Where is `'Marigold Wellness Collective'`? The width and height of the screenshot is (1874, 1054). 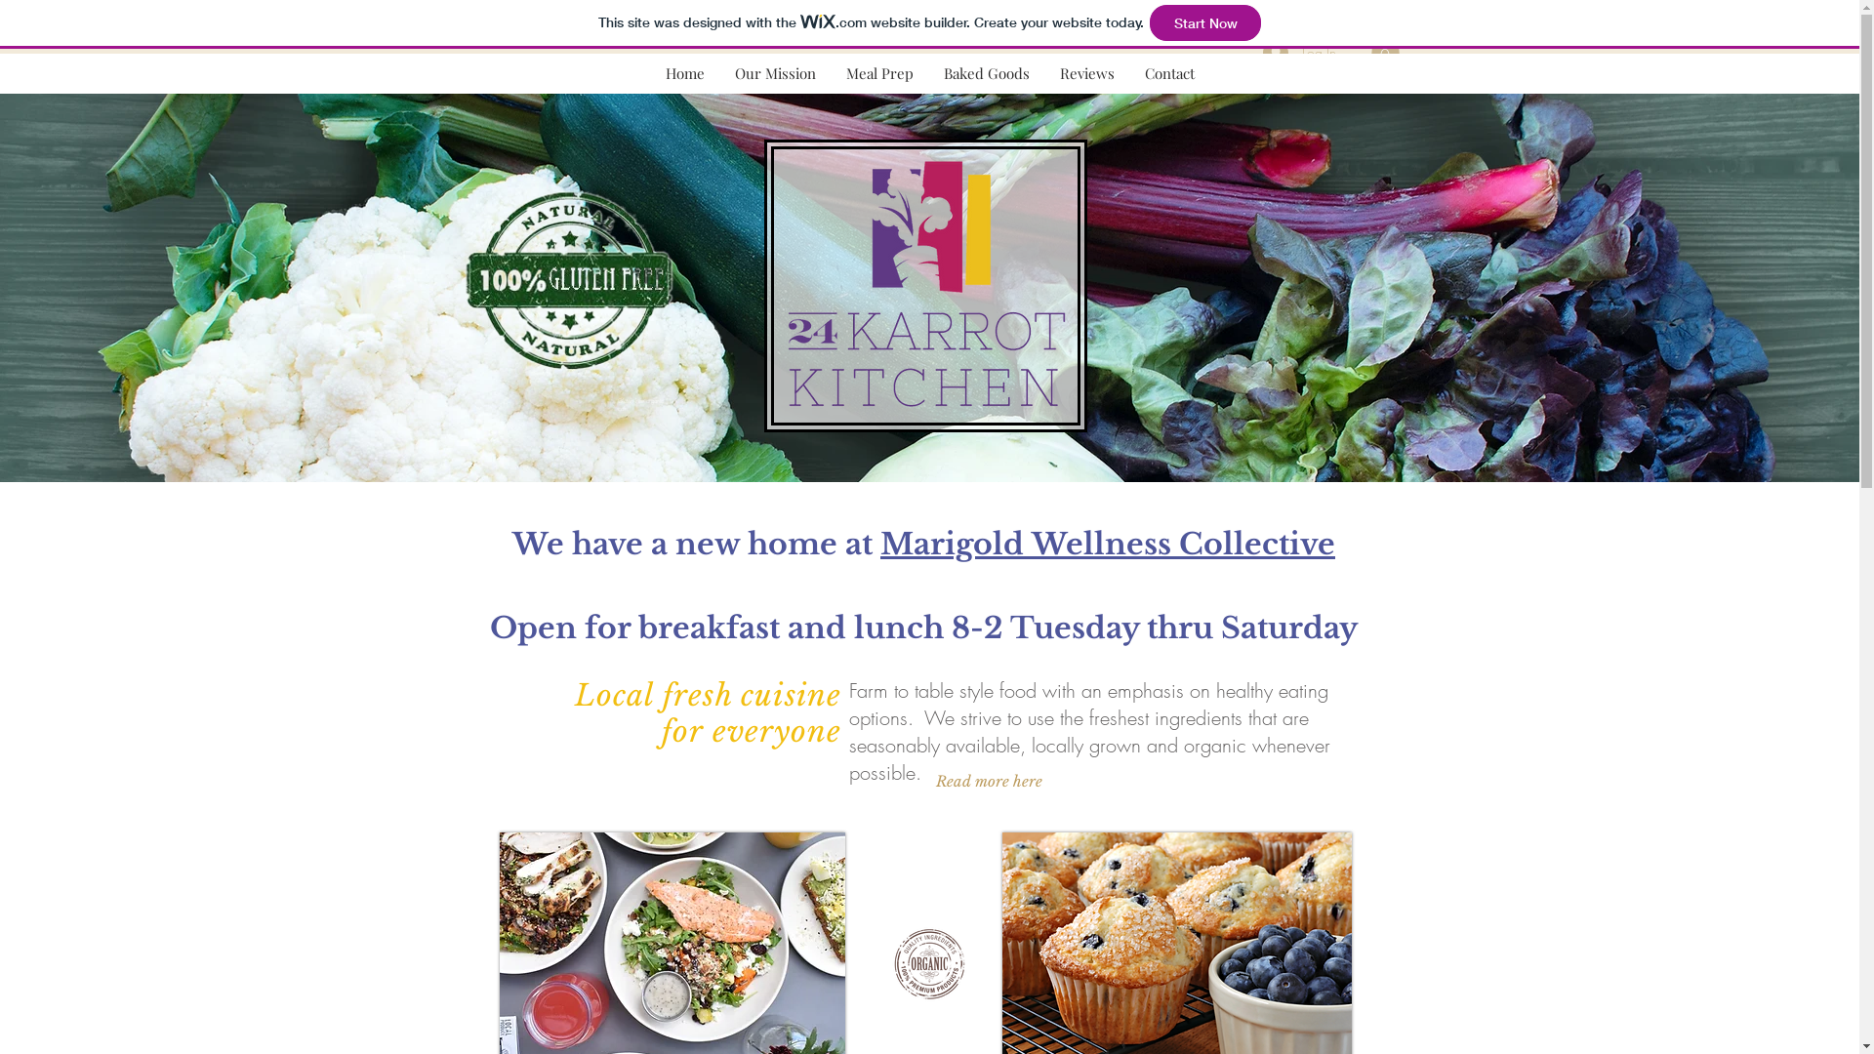
'Marigold Wellness Collective' is located at coordinates (1107, 535).